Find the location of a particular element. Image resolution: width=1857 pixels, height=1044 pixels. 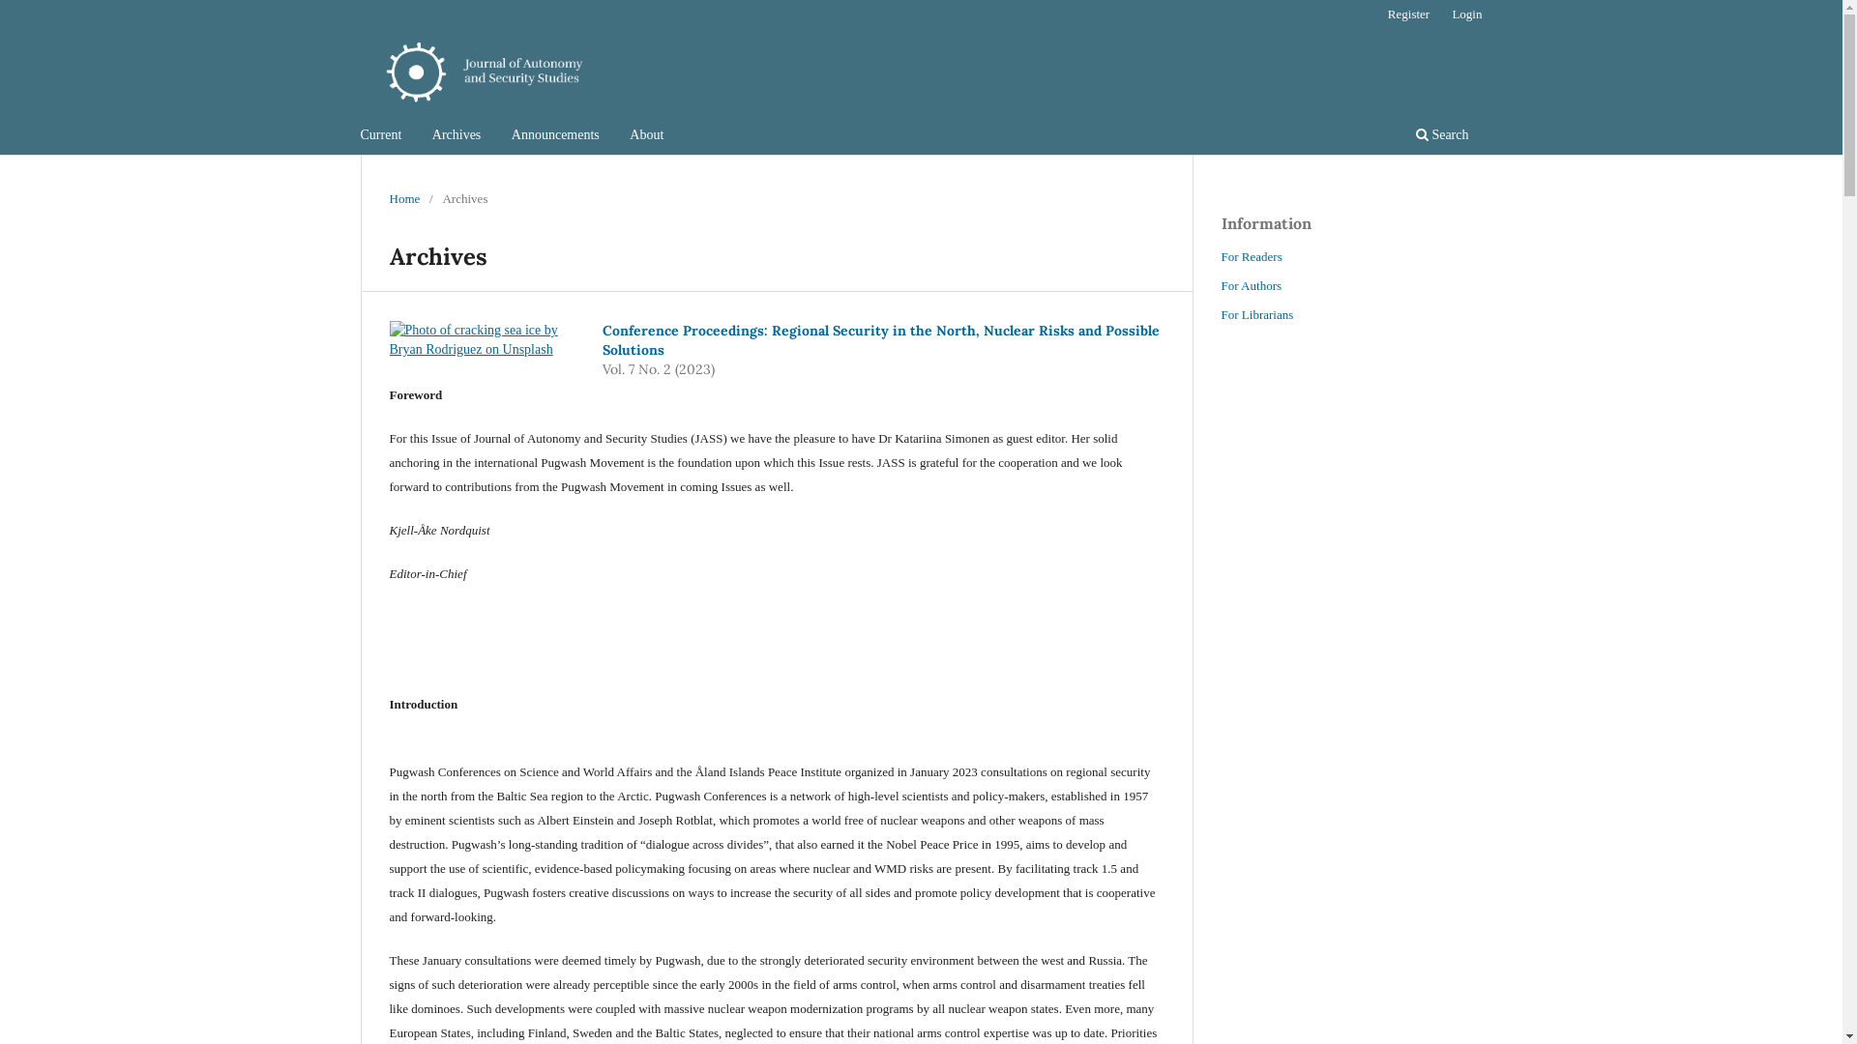

'Archives' is located at coordinates (456, 136).